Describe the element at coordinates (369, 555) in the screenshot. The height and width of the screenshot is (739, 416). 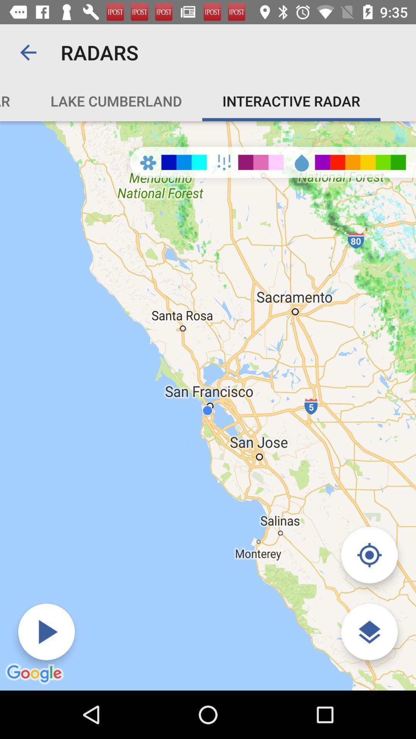
I see `the location_crosshair icon` at that location.